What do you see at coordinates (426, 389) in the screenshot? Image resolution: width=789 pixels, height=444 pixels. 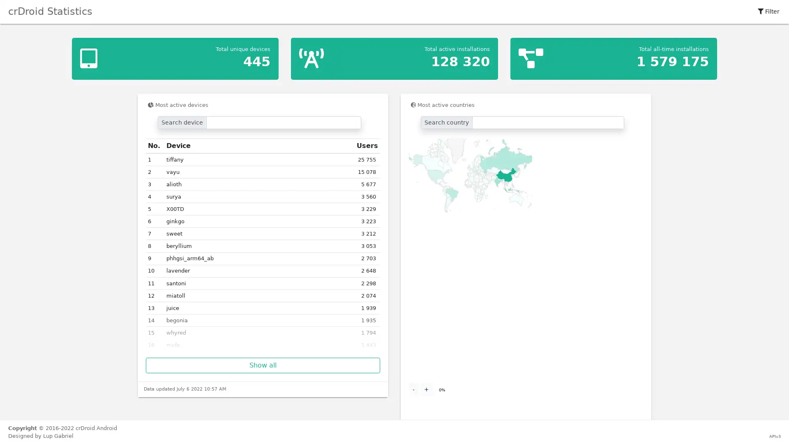 I see `+` at bounding box center [426, 389].